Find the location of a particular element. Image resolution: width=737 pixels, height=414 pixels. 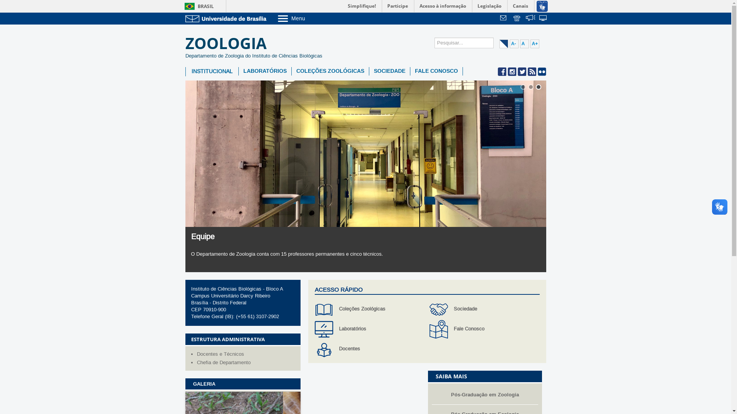

' ' is located at coordinates (538, 18).